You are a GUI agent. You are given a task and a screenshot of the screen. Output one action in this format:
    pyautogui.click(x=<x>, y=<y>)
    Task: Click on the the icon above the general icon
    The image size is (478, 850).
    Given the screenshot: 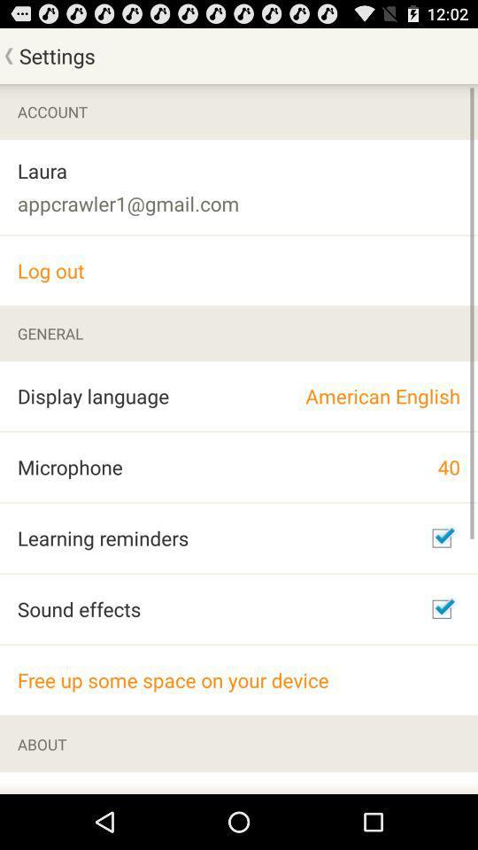 What is the action you would take?
    pyautogui.click(x=239, y=270)
    